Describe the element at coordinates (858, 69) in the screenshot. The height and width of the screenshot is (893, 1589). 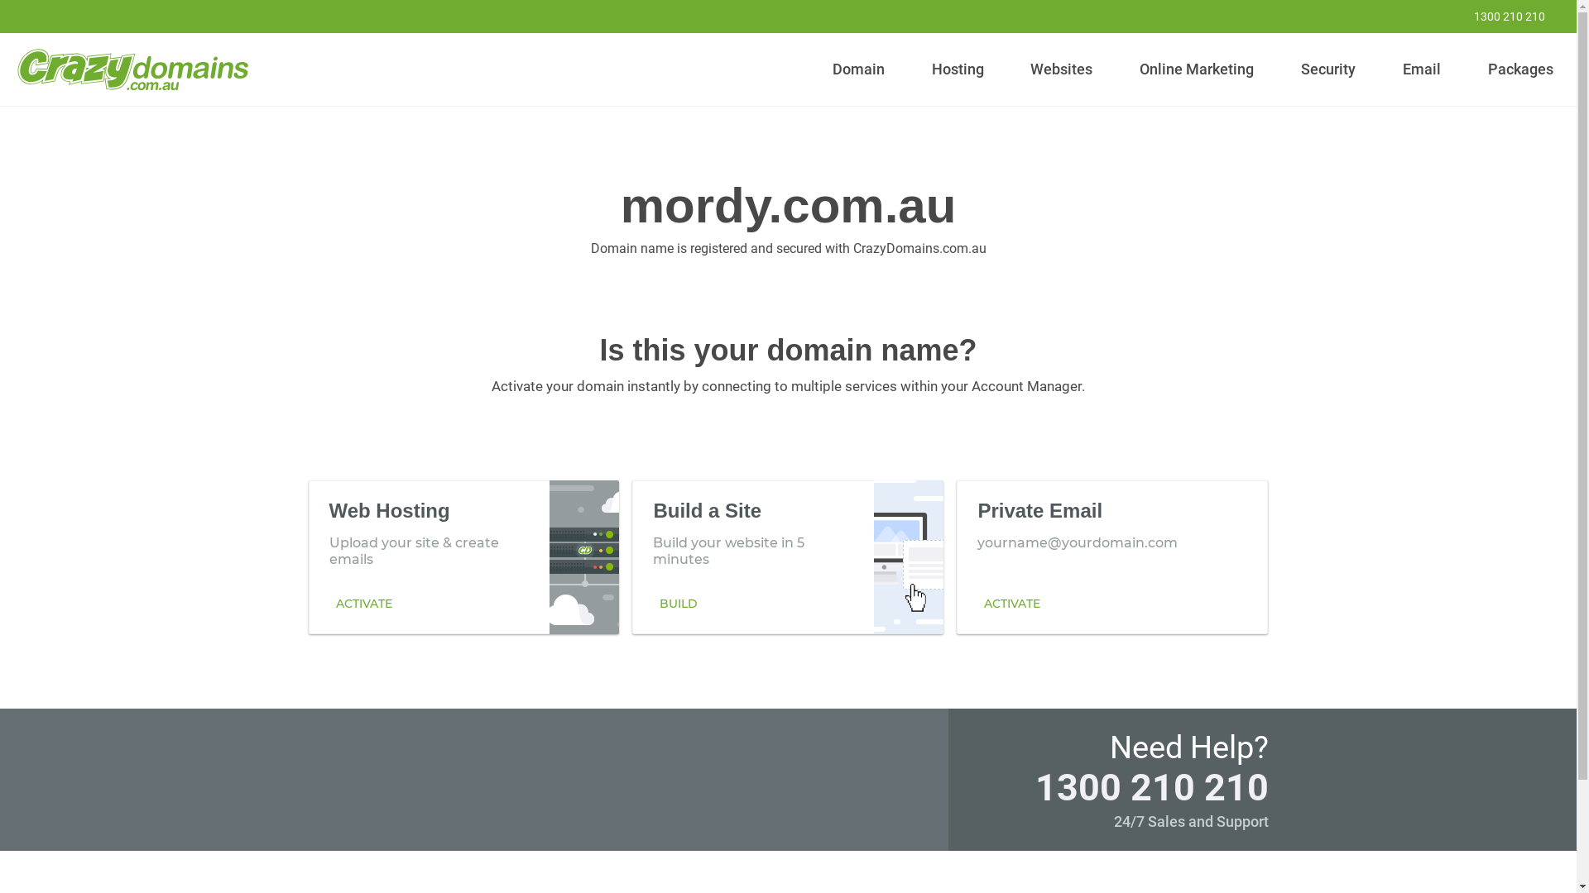
I see `'Domain'` at that location.